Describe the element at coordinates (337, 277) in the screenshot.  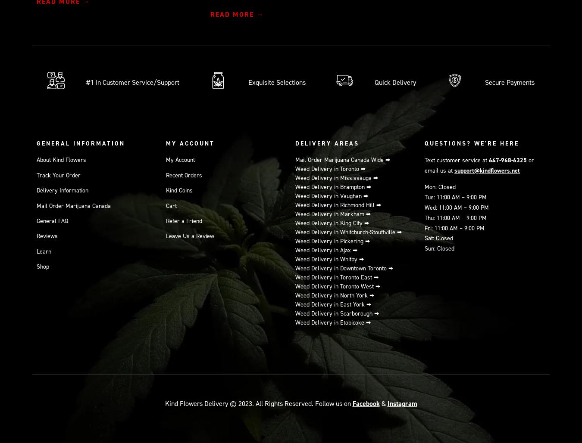
I see `'Weed Delivery in Toronto East ⮕'` at that location.